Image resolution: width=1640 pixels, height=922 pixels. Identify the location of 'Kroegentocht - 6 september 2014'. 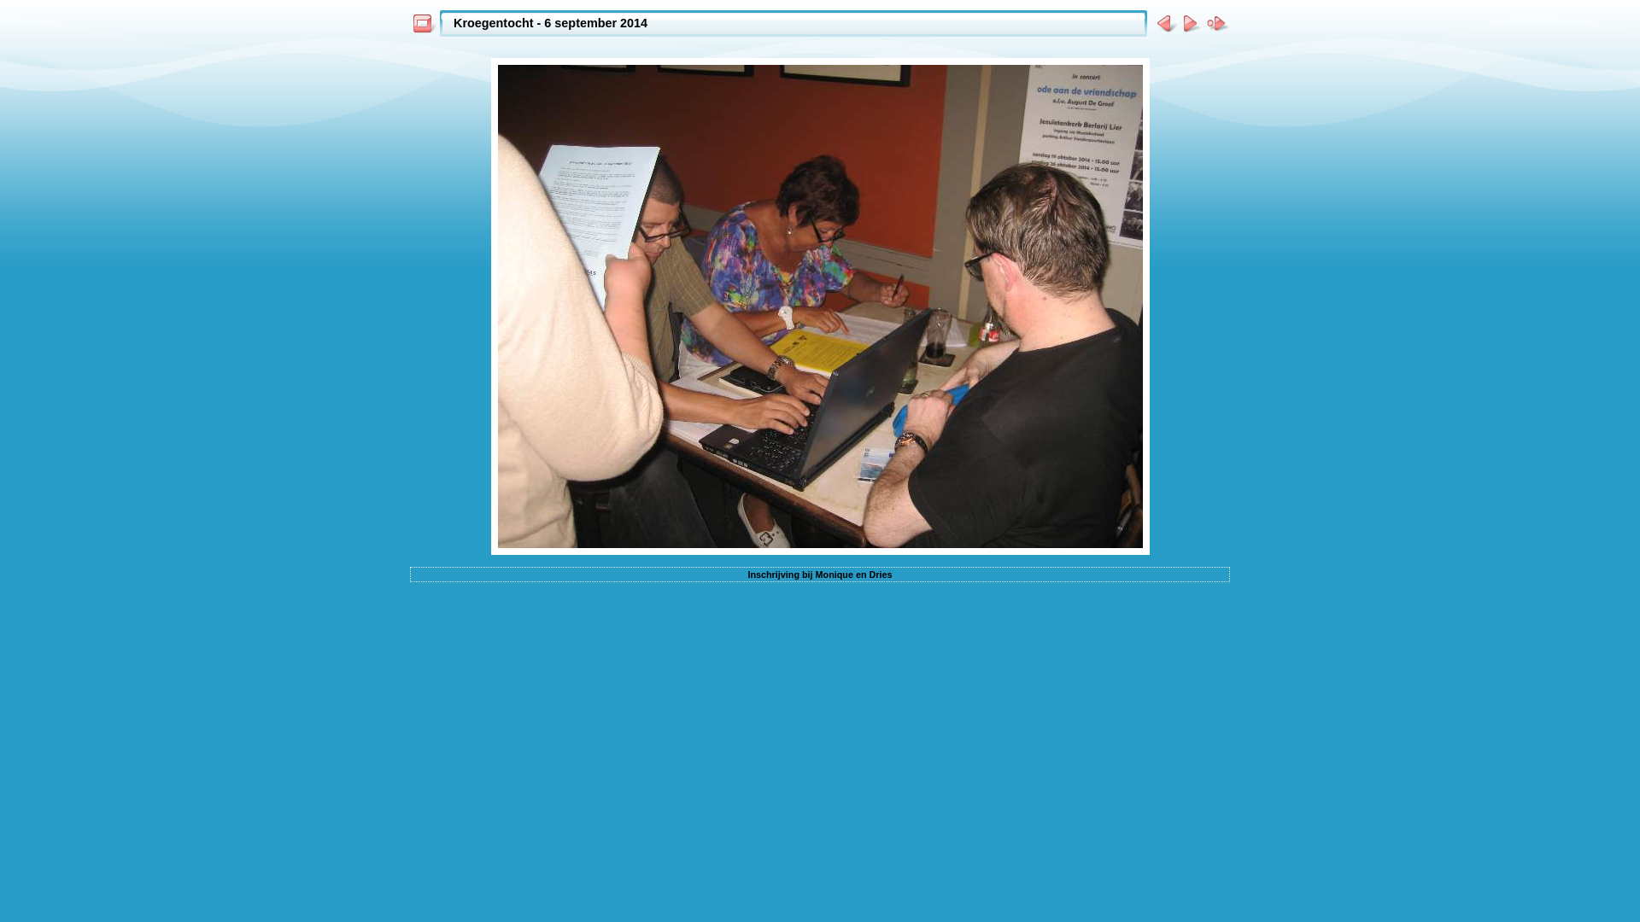
(550, 23).